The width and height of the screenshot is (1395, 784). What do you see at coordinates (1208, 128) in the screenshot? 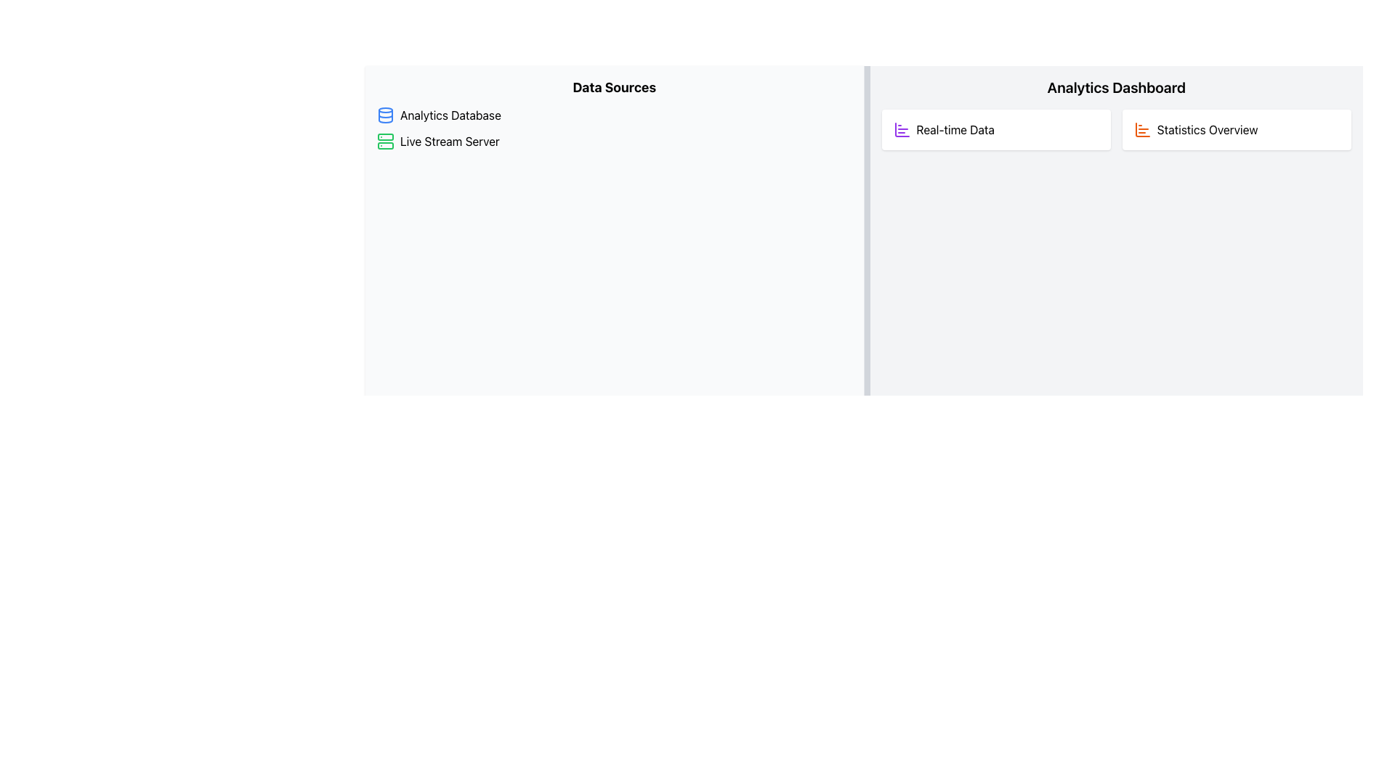
I see `the text label that serves as the title for the associated card summarizing content as a statistics overview, located in the 'Analytics Dashboard' section, rightmost among two cards, following an orange bar chart icon` at bounding box center [1208, 128].